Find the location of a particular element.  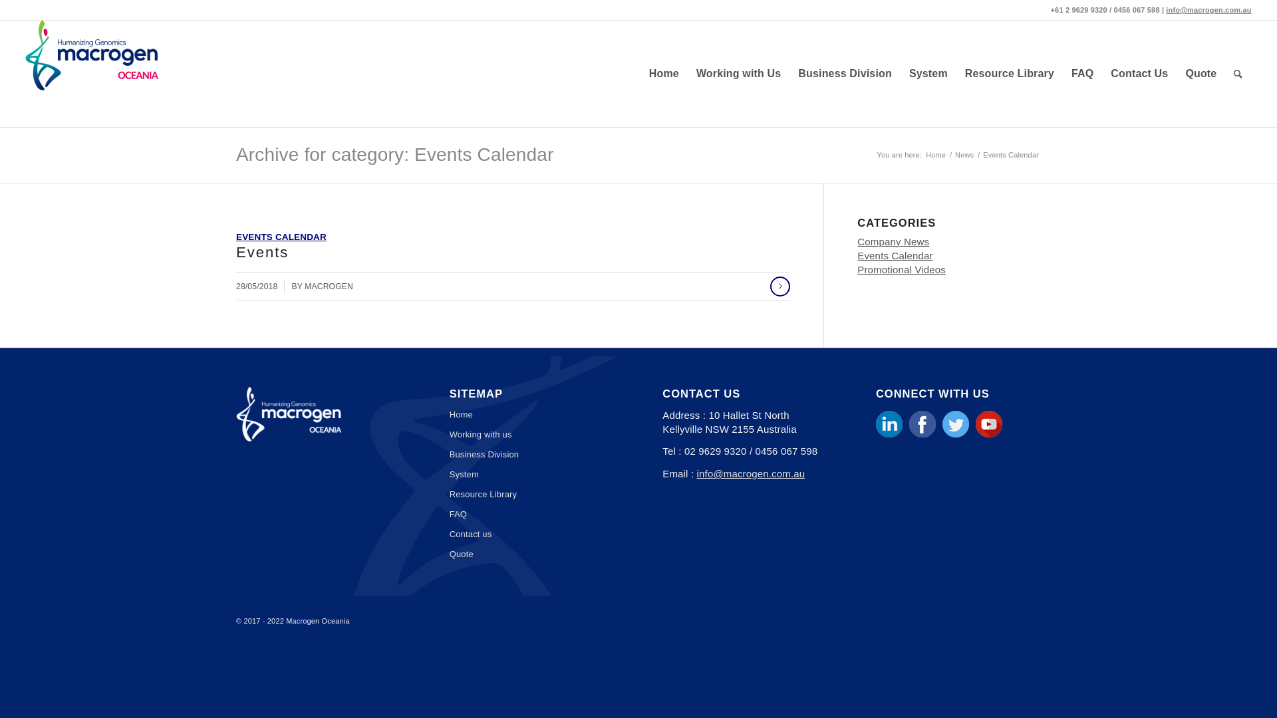

'Promotional Videos' is located at coordinates (901, 269).